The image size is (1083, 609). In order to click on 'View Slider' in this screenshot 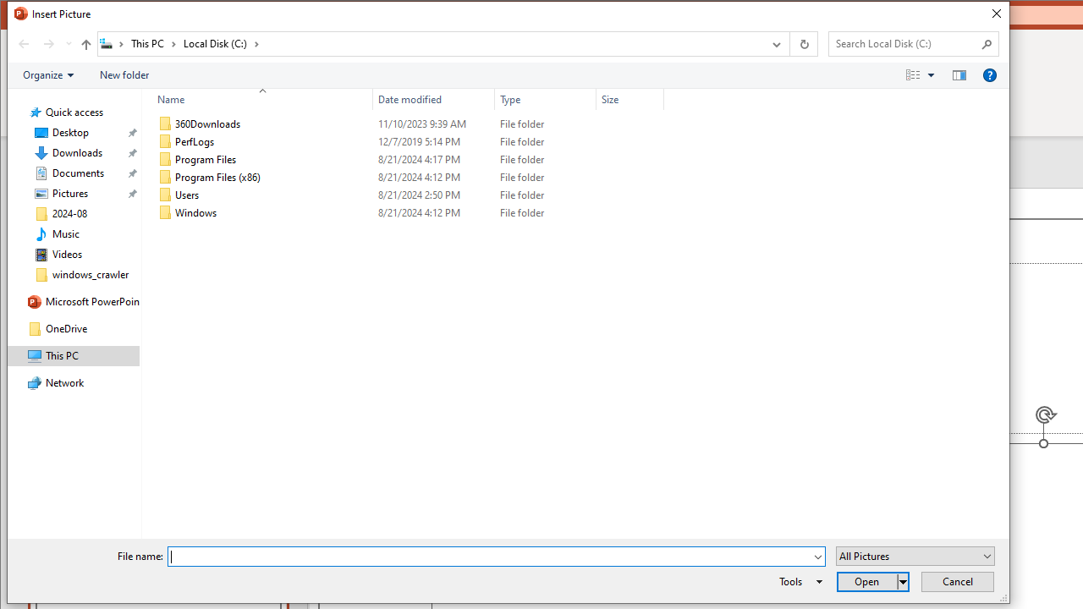, I will do `click(930, 74)`.